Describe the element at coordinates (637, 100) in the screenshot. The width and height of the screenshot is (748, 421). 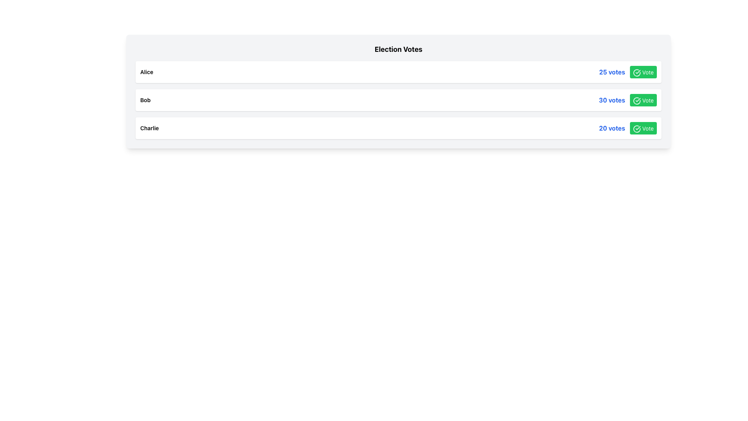
I see `the leftmost confirmation icon within the green 'Vote' button located in the last row of the election votes list` at that location.